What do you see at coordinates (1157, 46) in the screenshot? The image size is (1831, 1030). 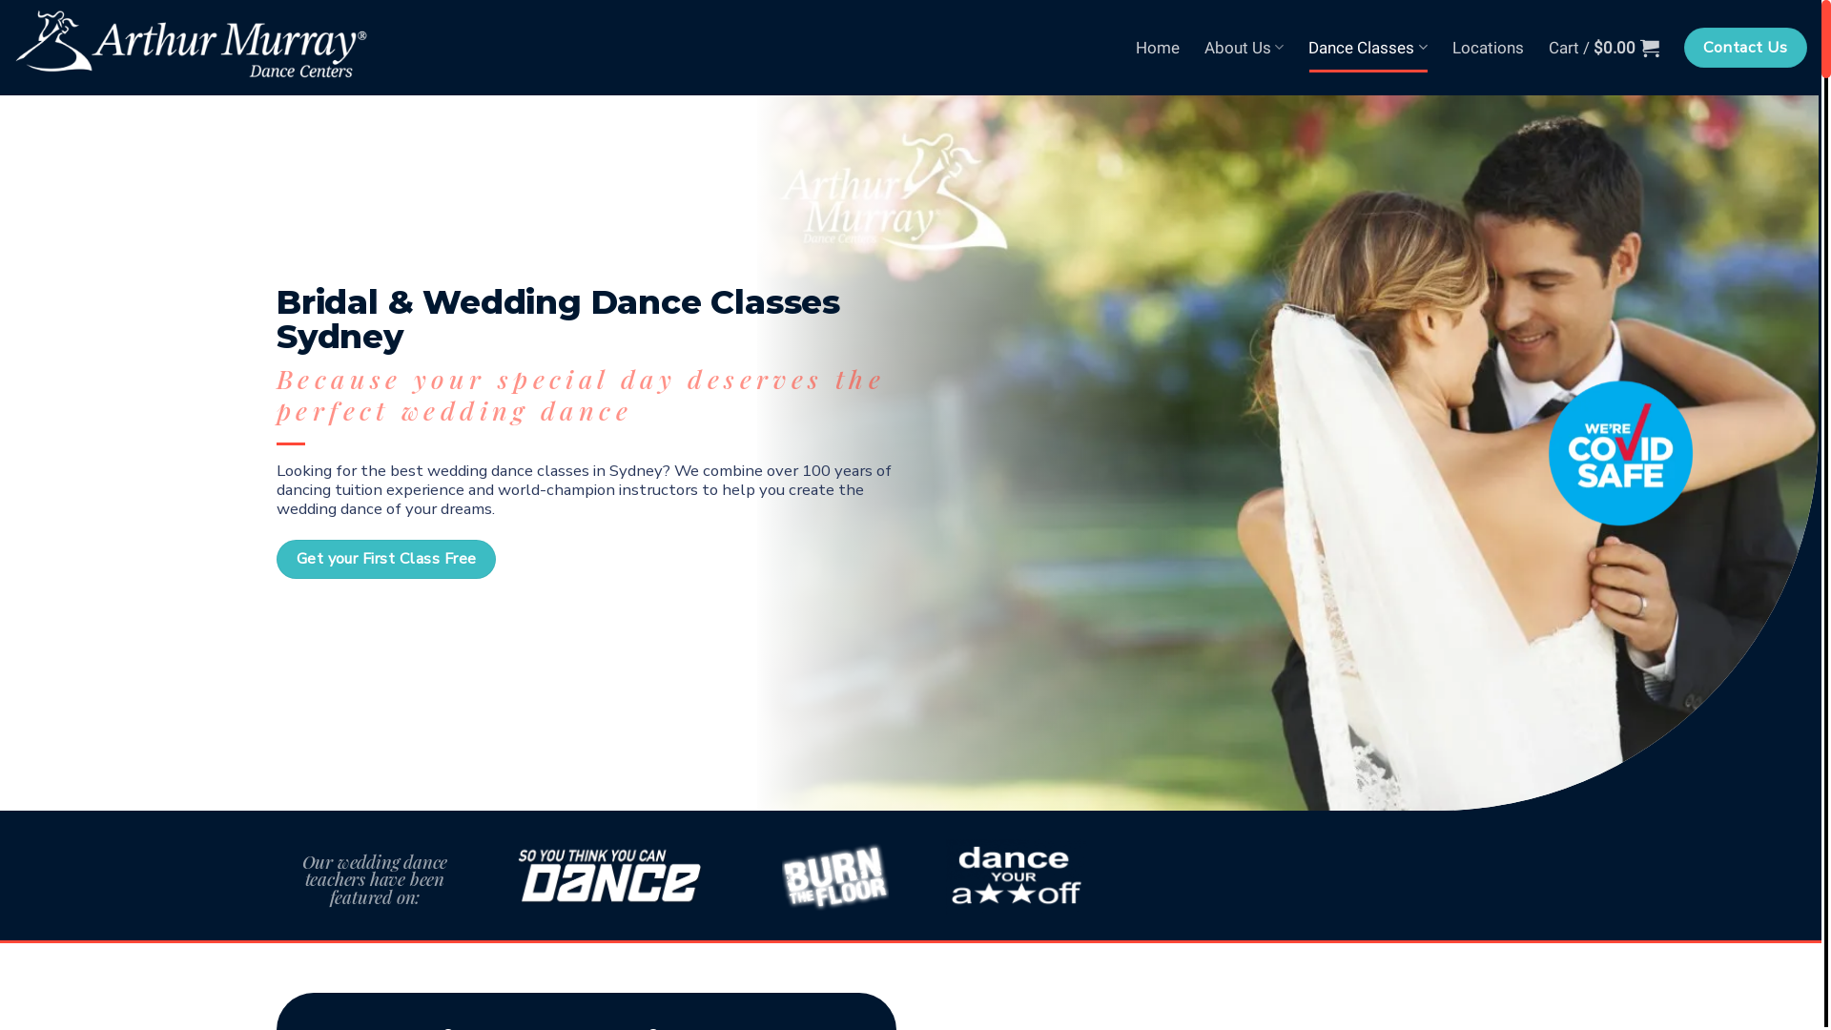 I see `'Home'` at bounding box center [1157, 46].